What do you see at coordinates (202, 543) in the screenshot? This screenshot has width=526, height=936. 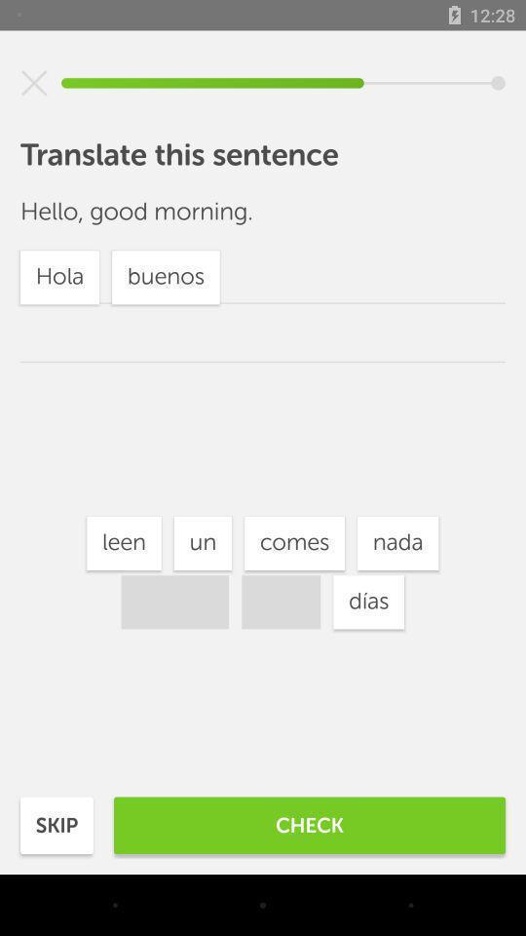 I see `icon above the buenos` at bounding box center [202, 543].